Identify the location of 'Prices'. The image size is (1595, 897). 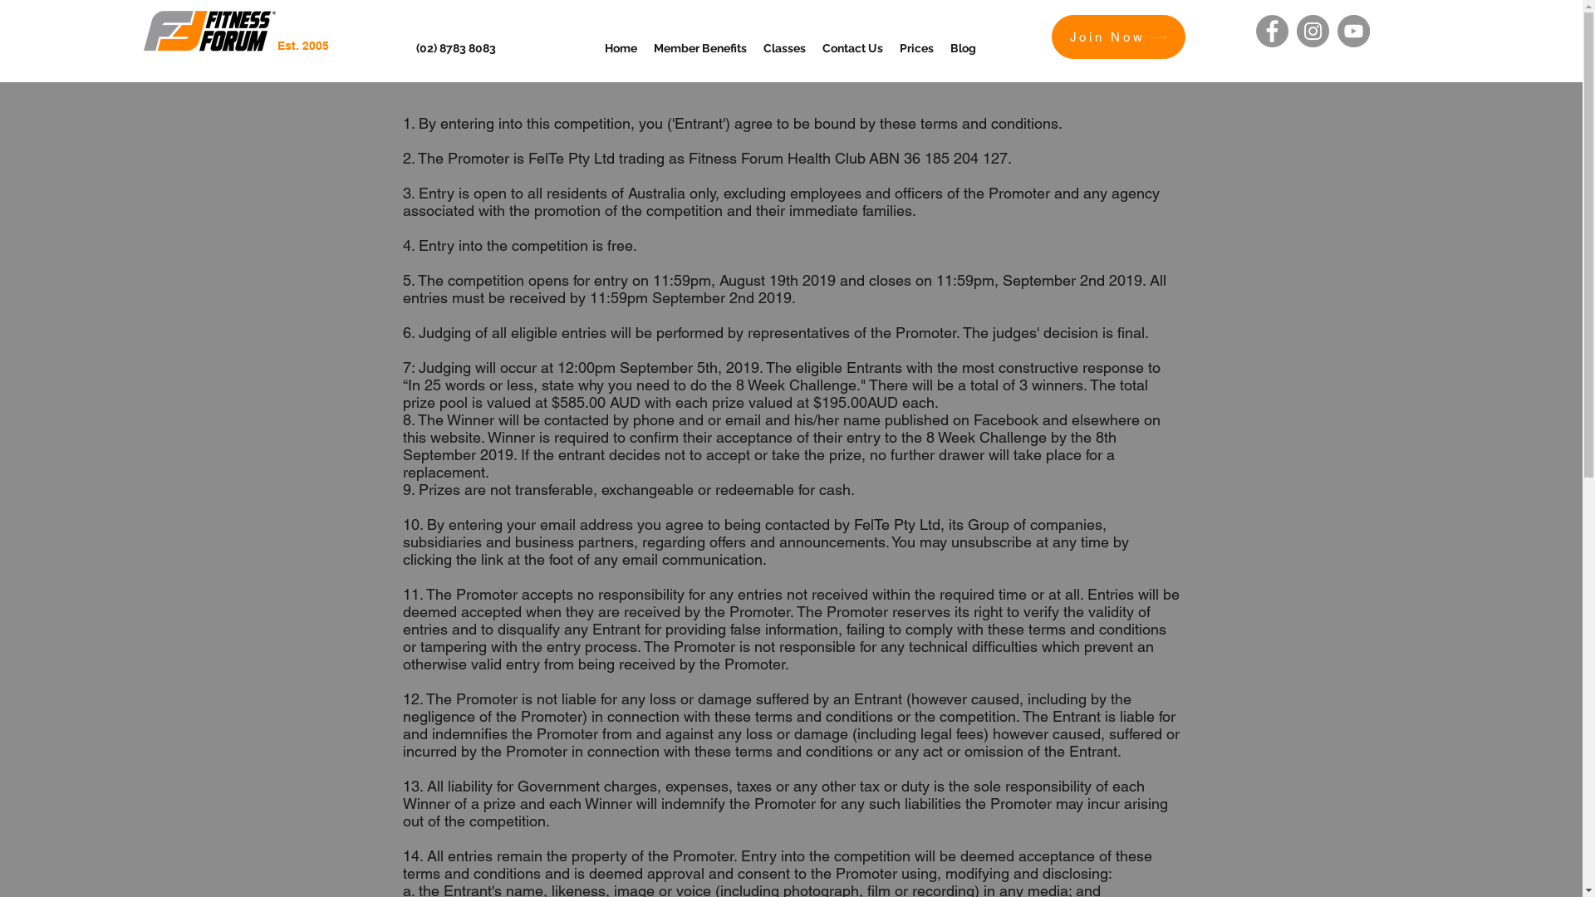
(915, 47).